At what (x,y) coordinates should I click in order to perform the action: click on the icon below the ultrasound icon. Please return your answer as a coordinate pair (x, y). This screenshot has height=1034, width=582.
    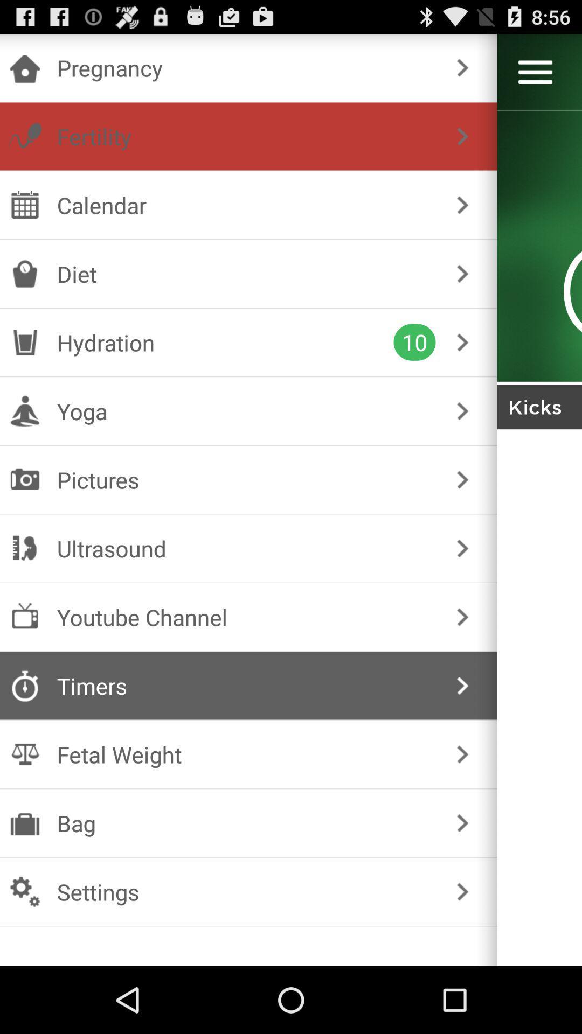
    Looking at the image, I should click on (246, 617).